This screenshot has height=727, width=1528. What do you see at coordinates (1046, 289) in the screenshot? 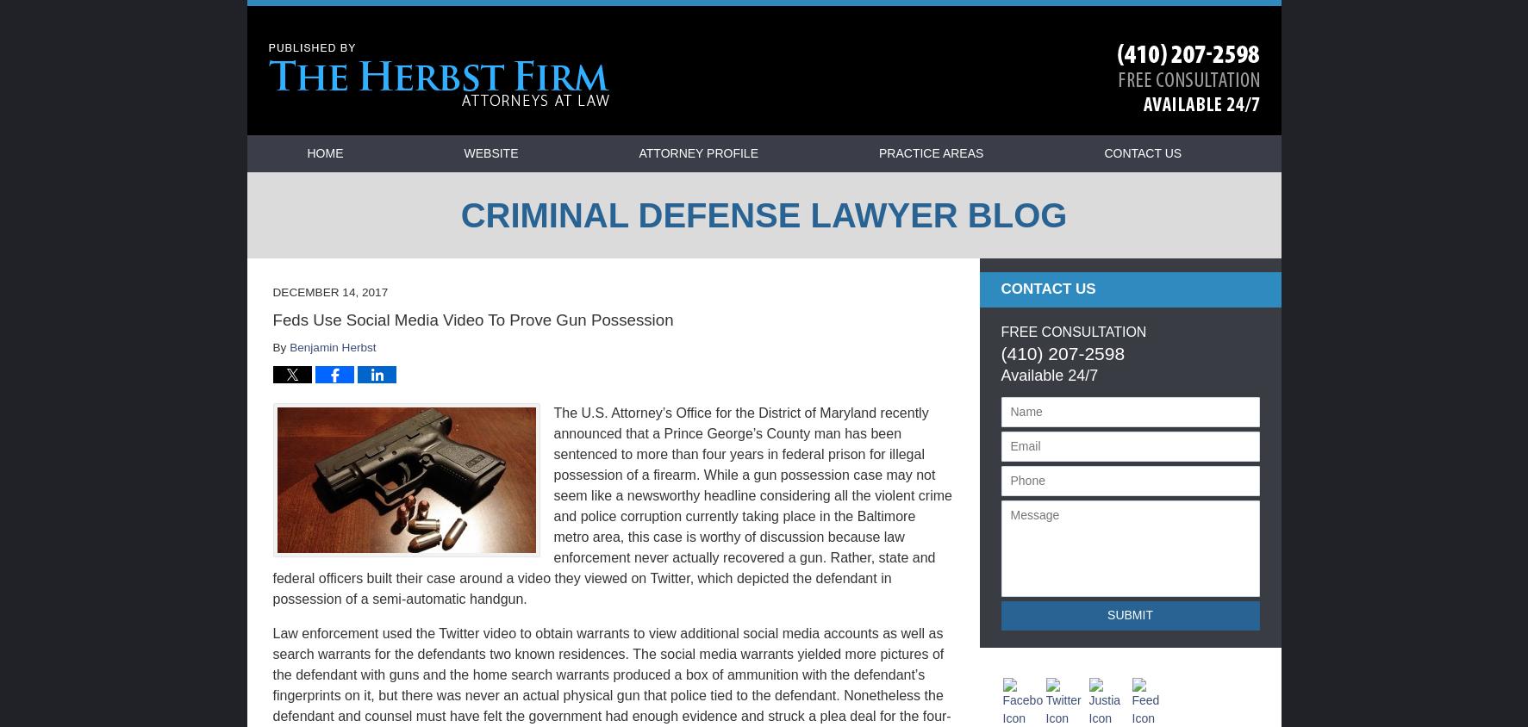
I see `'Contact Us'` at bounding box center [1046, 289].